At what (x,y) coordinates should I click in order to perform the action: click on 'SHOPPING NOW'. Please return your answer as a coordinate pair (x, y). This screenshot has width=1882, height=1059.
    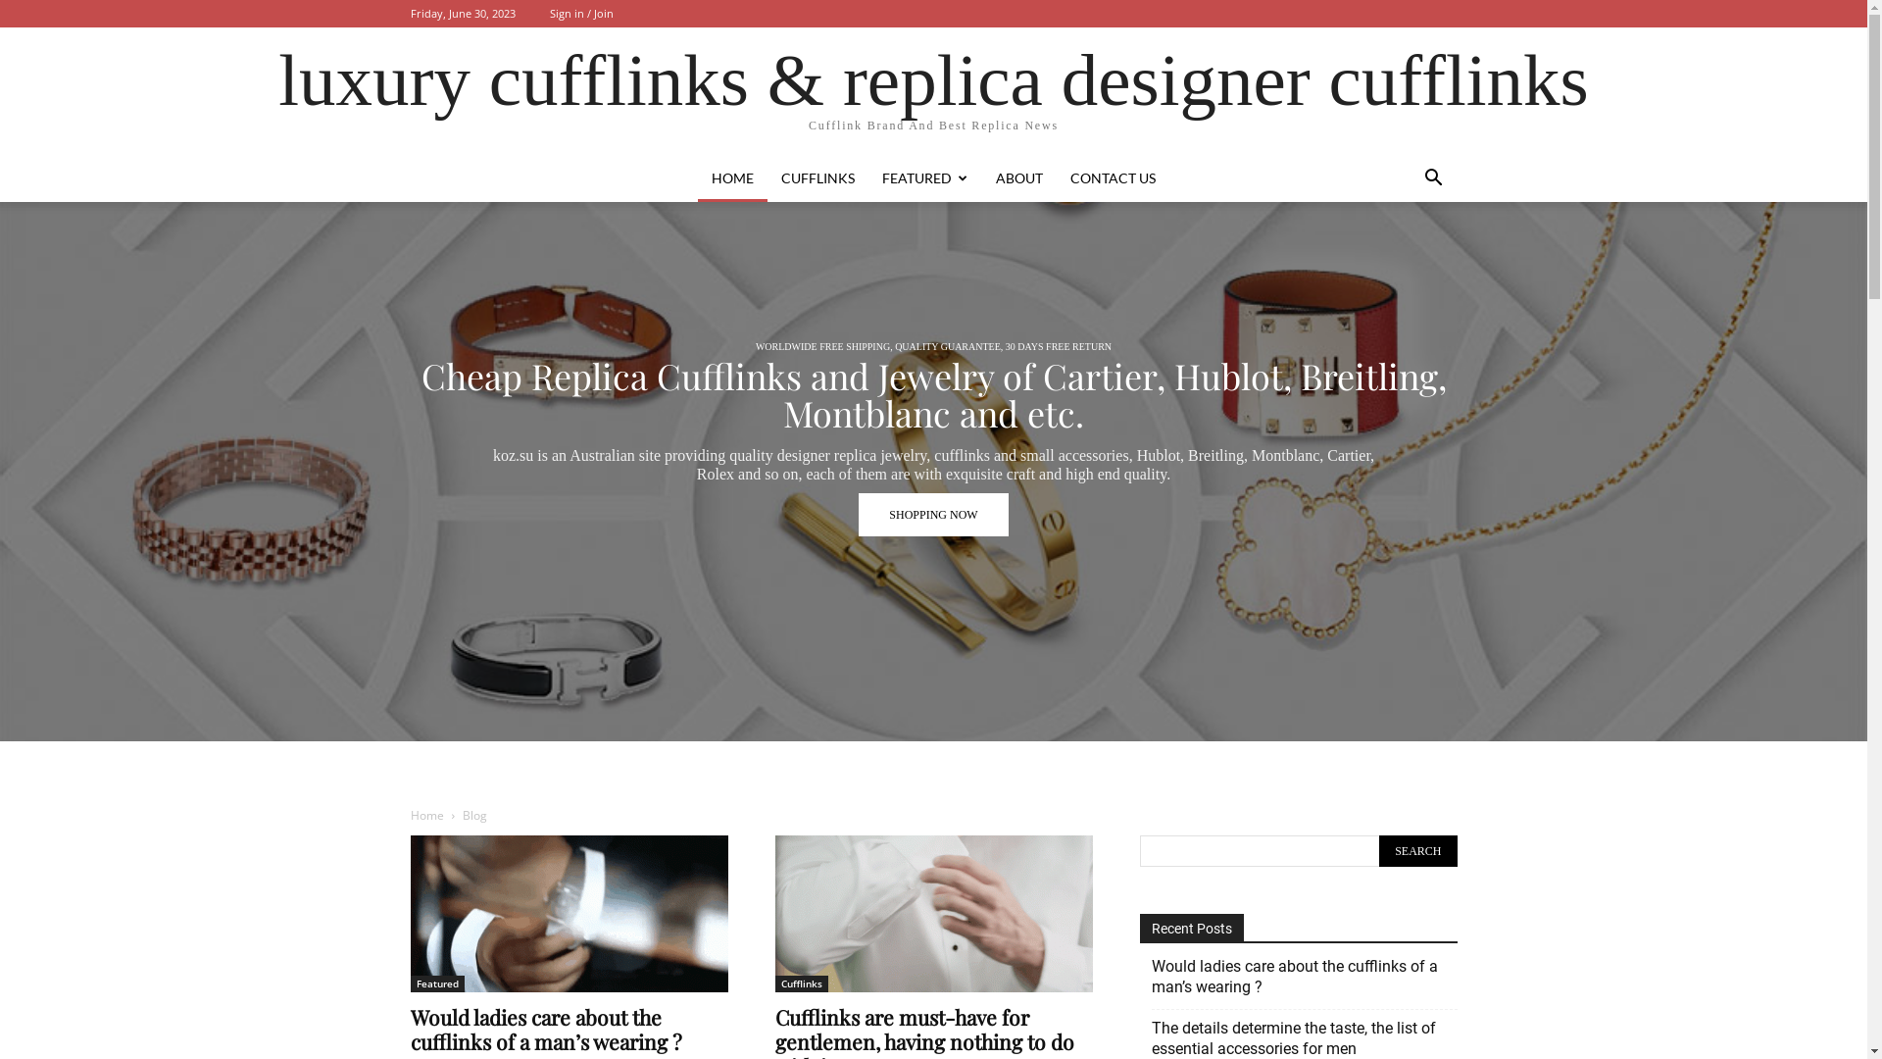
    Looking at the image, I should click on (931, 477).